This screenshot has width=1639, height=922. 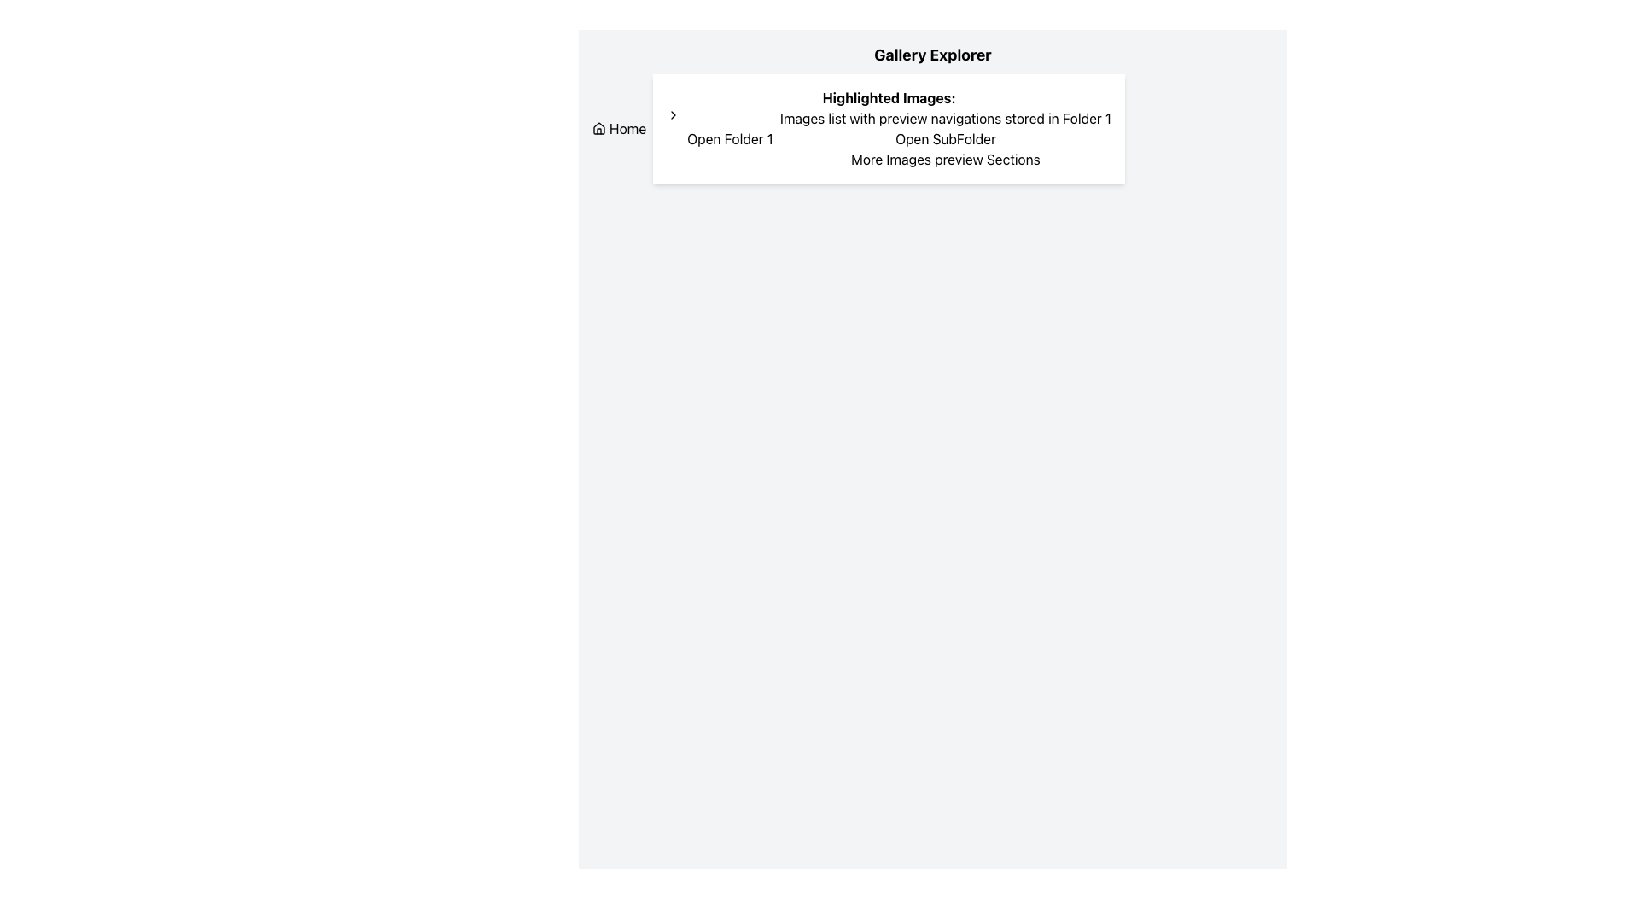 What do you see at coordinates (945, 117) in the screenshot?
I see `the text label that reads 'Images list with preview navigations stored in Folder 1', which is located under the header 'Highlighted Images:'` at bounding box center [945, 117].